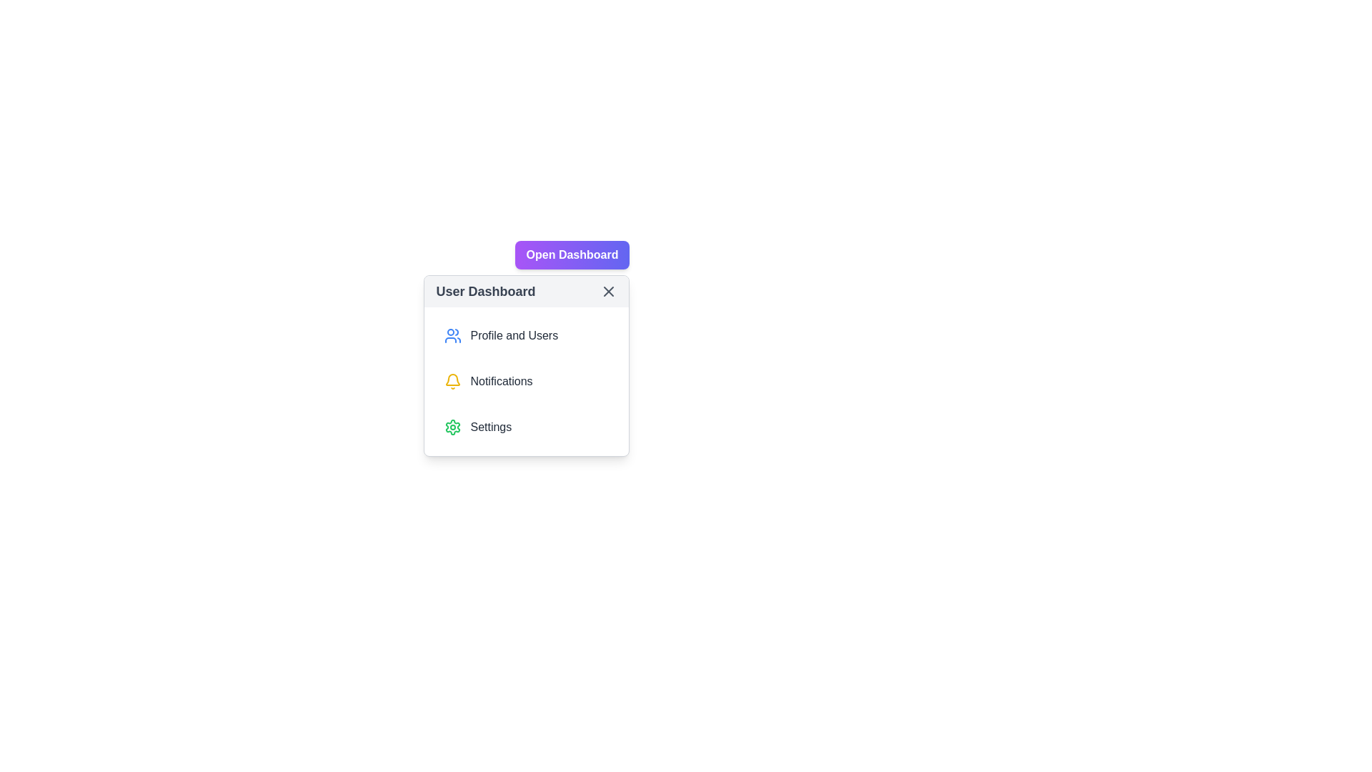 The width and height of the screenshot is (1372, 772). Describe the element at coordinates (526, 336) in the screenshot. I see `the first button in the vertically arranged list of interactive items within the 'User Dashboard' panel, which serves as a navigation link for profiles and user management` at that location.